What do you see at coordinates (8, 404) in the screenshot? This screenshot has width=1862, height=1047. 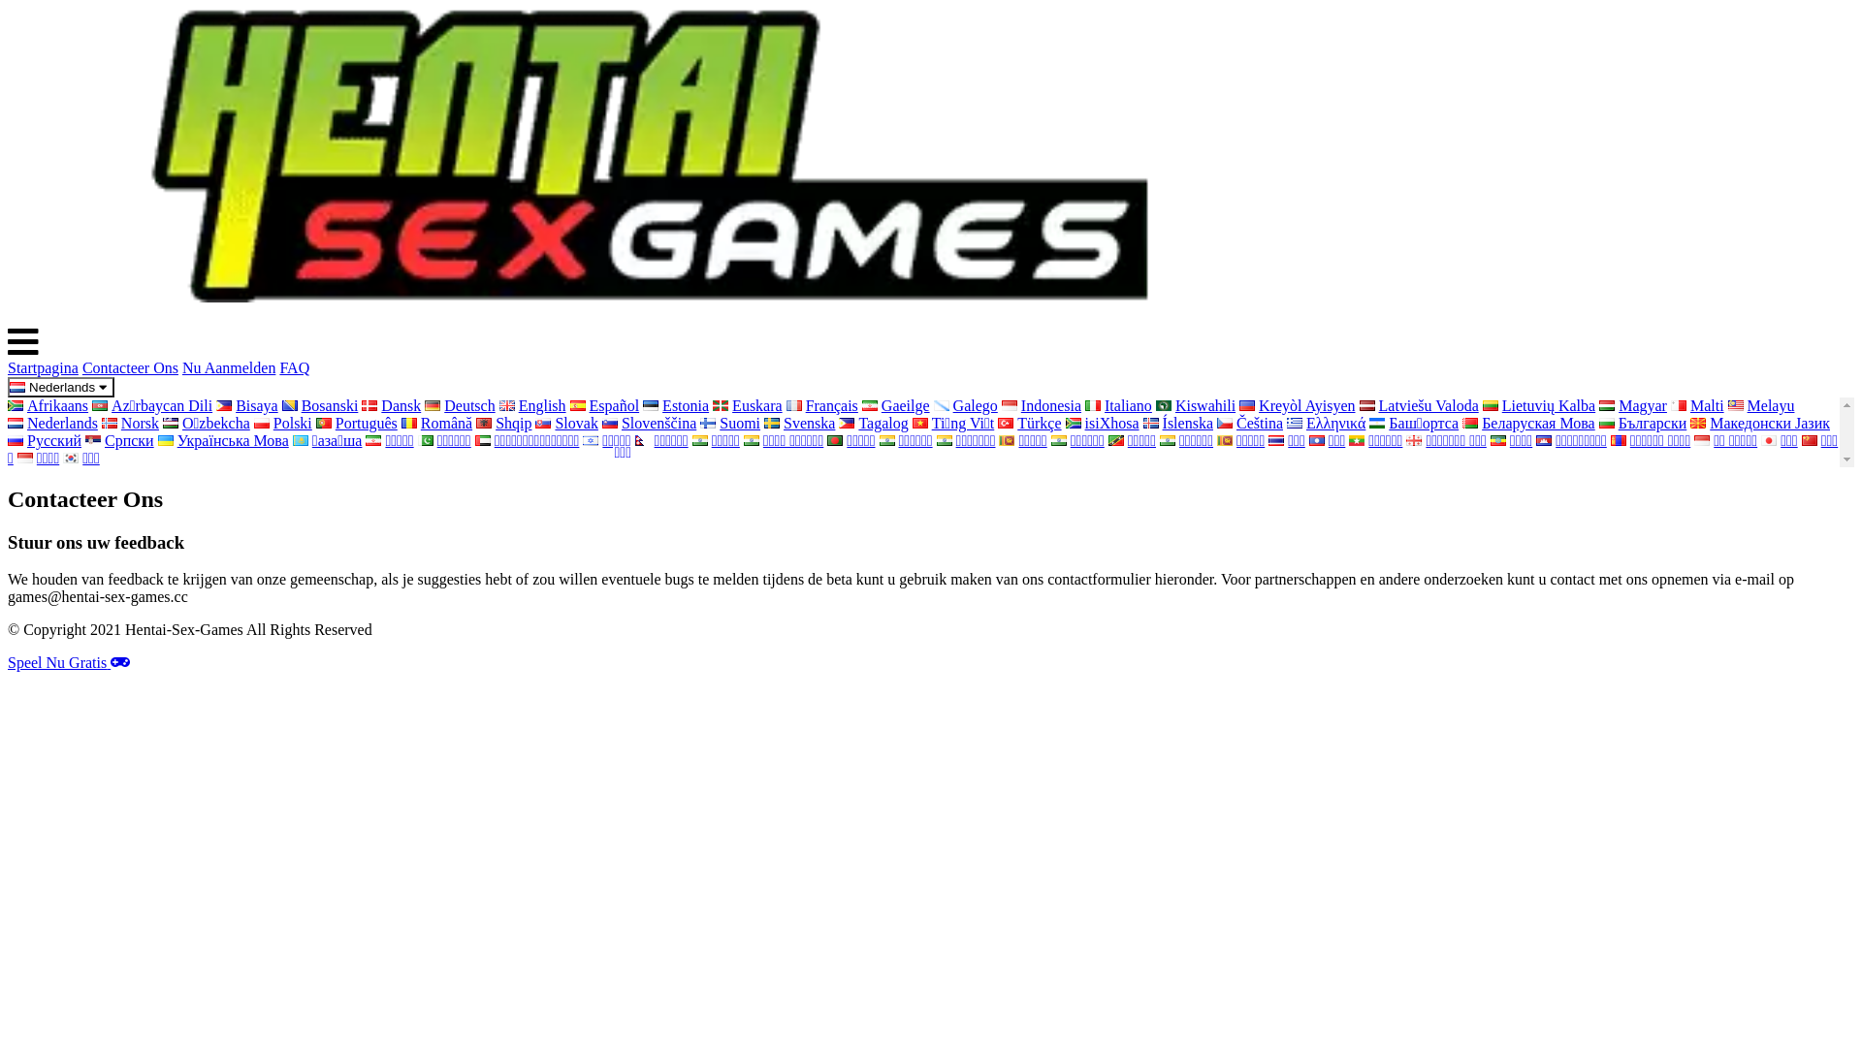 I see `'Afrikaans'` at bounding box center [8, 404].